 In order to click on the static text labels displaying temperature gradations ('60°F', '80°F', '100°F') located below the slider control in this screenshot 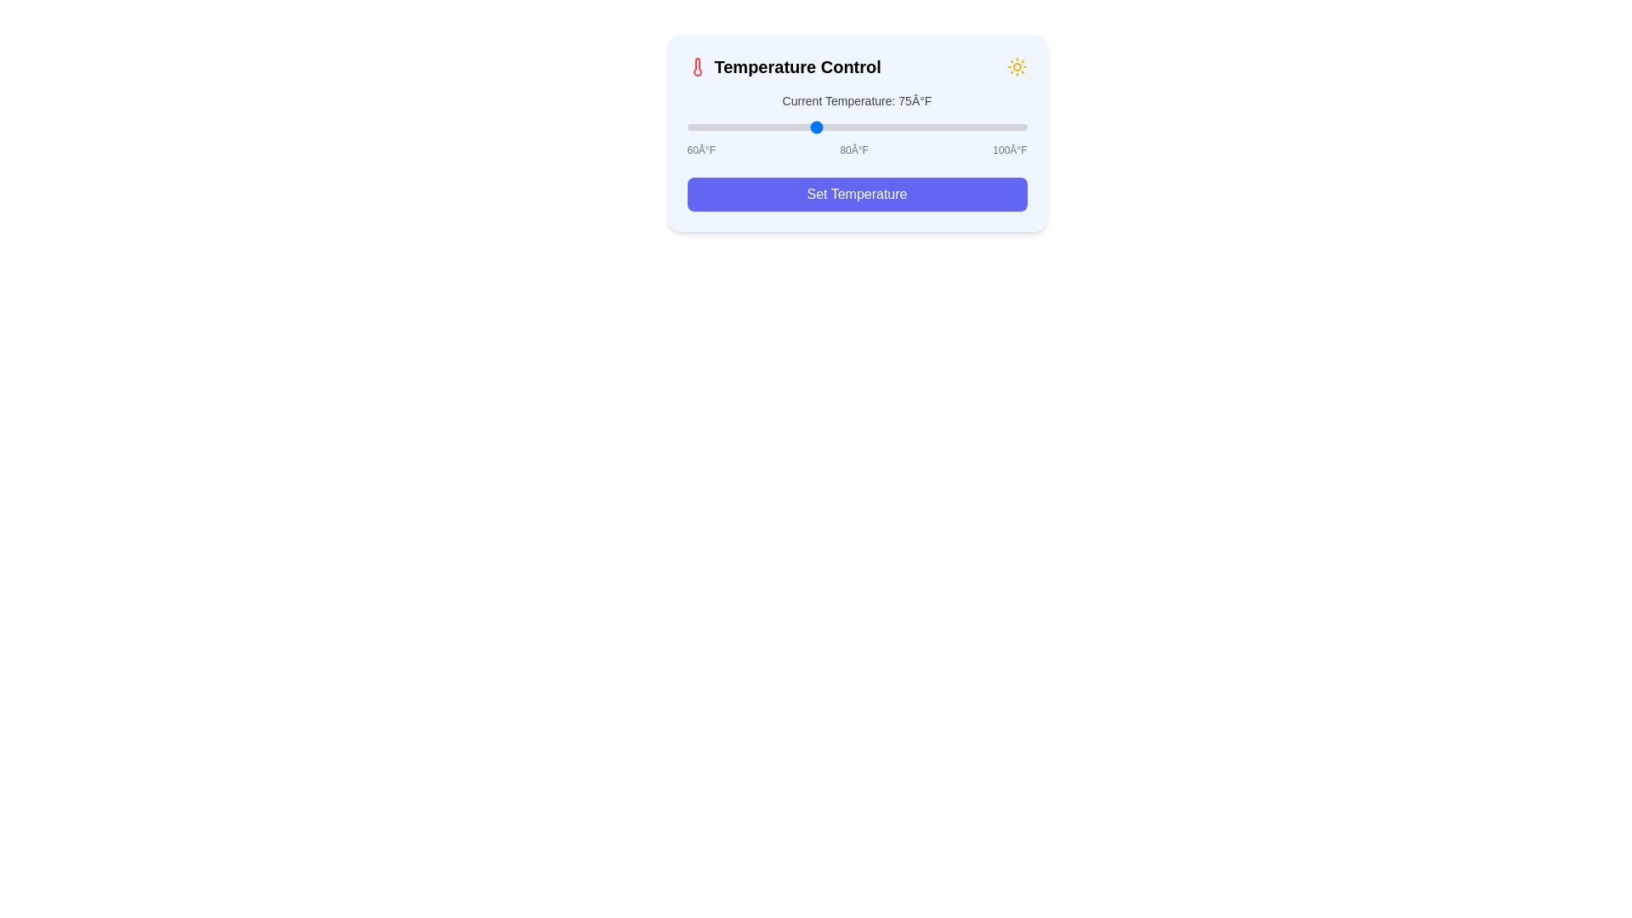, I will do `click(857, 150)`.